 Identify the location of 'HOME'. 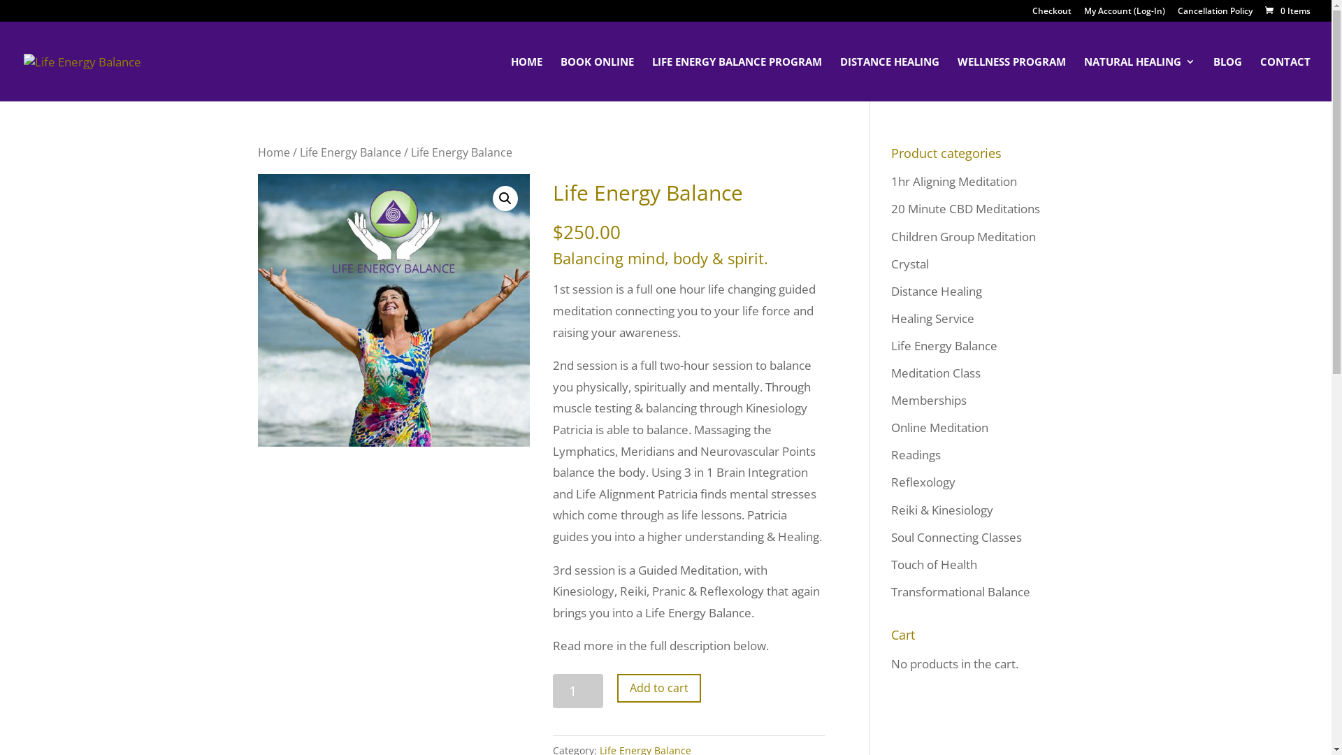
(526, 78).